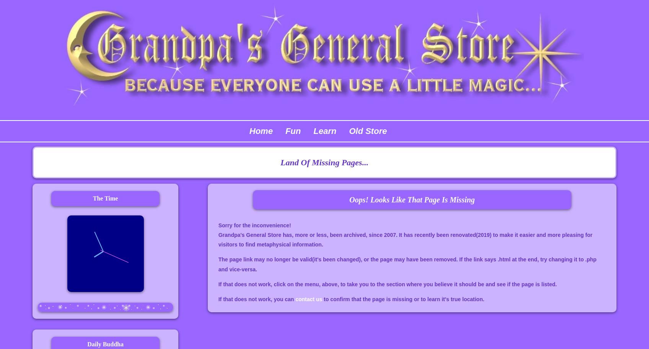 The height and width of the screenshot is (349, 649). Describe the element at coordinates (104, 344) in the screenshot. I see `'Daily Buddha'` at that location.